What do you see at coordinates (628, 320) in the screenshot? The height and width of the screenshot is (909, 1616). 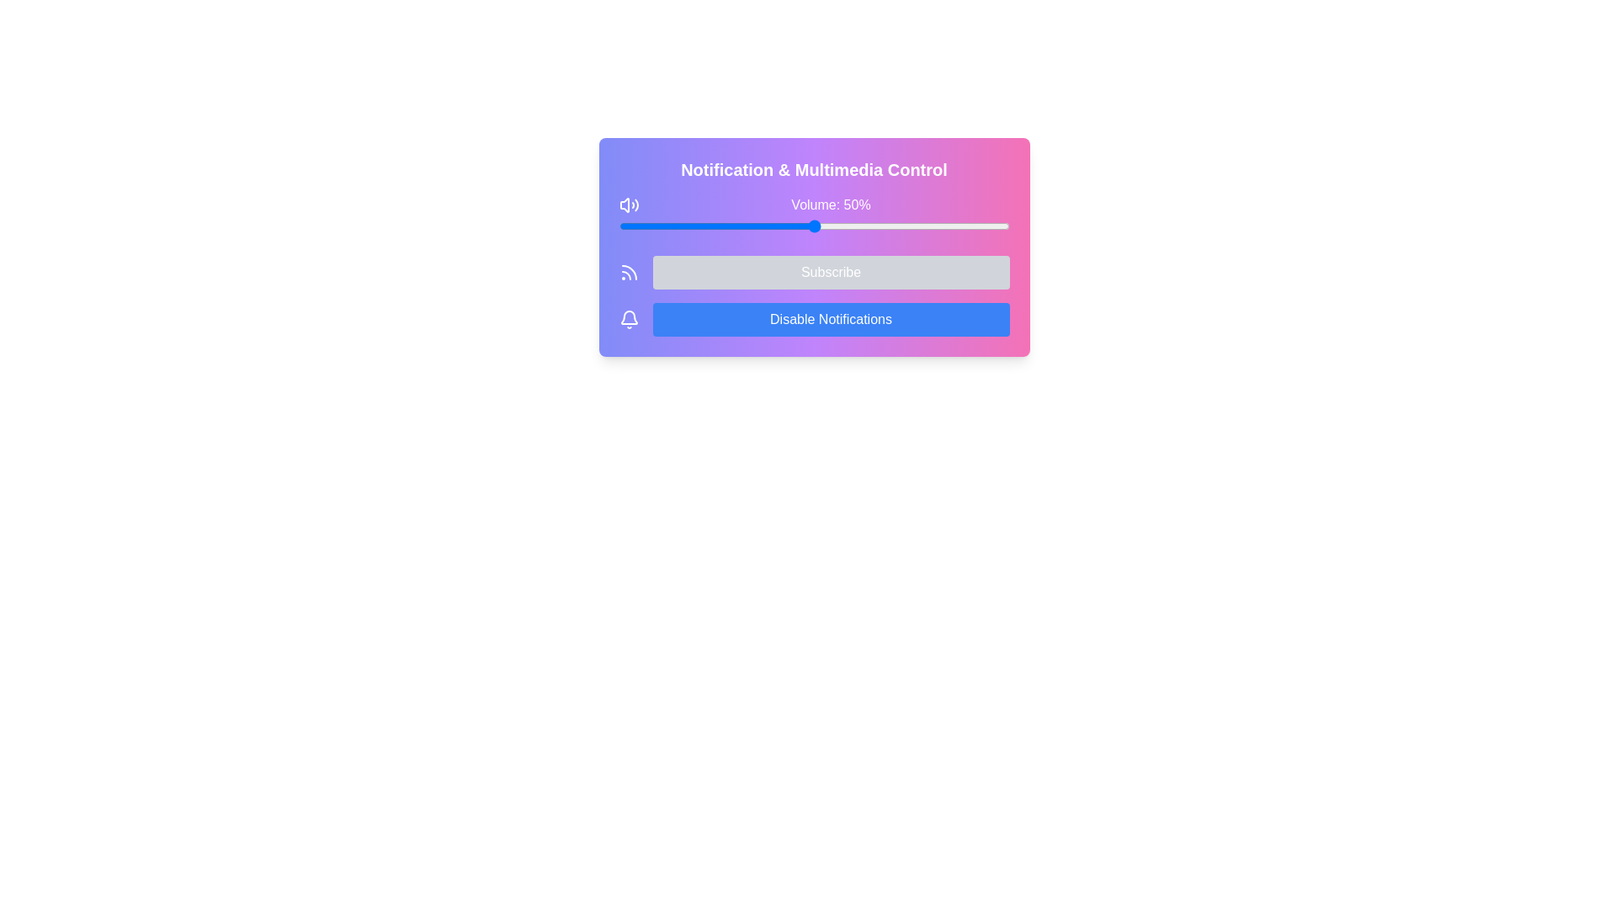 I see `the bell icon, which is styled with a fine outline and positioned prominently above the 'Disable Notifications' button` at bounding box center [628, 320].